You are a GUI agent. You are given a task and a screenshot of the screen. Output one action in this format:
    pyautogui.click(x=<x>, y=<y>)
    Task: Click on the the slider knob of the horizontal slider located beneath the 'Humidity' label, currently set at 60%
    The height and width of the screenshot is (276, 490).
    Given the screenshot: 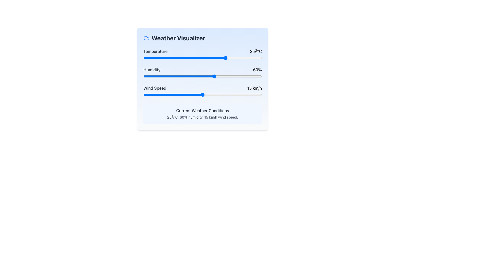 What is the action you would take?
    pyautogui.click(x=202, y=76)
    